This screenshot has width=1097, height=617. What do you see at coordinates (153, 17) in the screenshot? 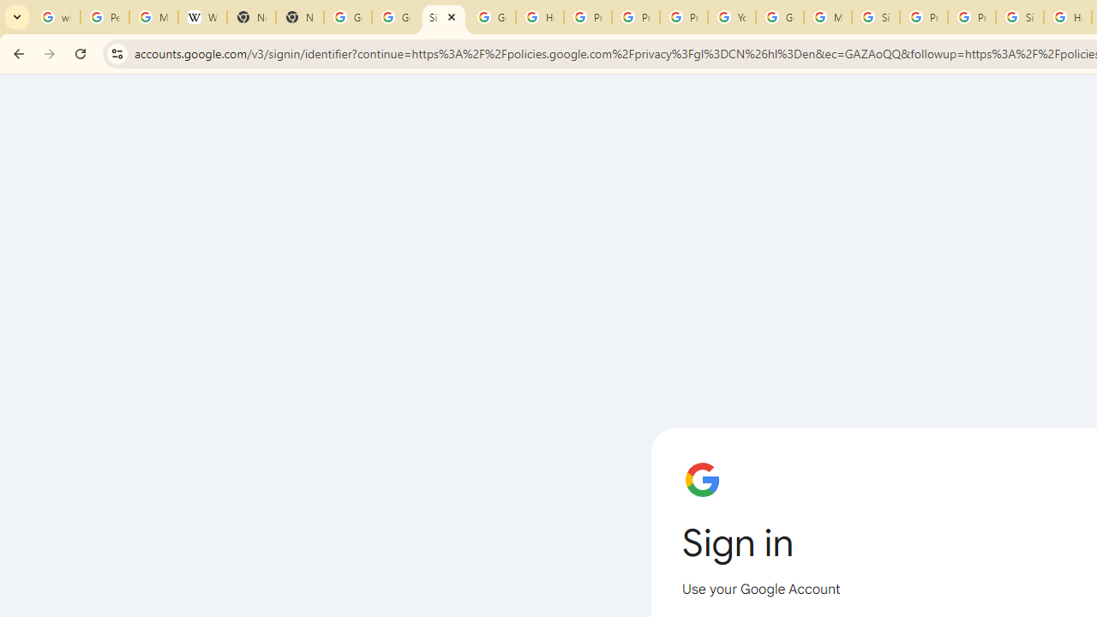
I see `'Manage your Location History - Google Search Help'` at bounding box center [153, 17].